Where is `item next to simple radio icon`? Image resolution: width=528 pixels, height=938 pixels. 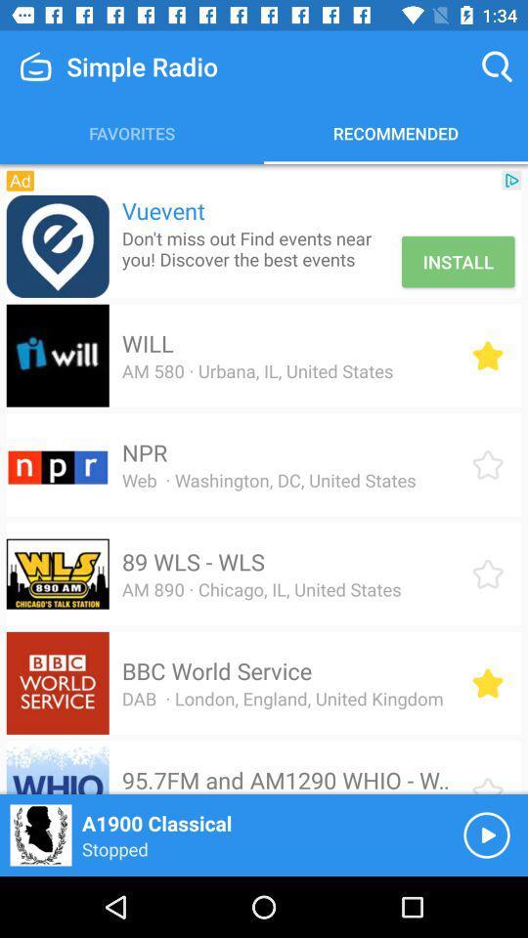
item next to simple radio icon is located at coordinates (497, 66).